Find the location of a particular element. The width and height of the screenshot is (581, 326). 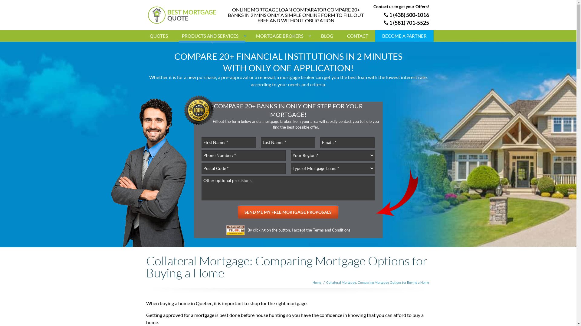

'Terms and Conditions' is located at coordinates (331, 230).